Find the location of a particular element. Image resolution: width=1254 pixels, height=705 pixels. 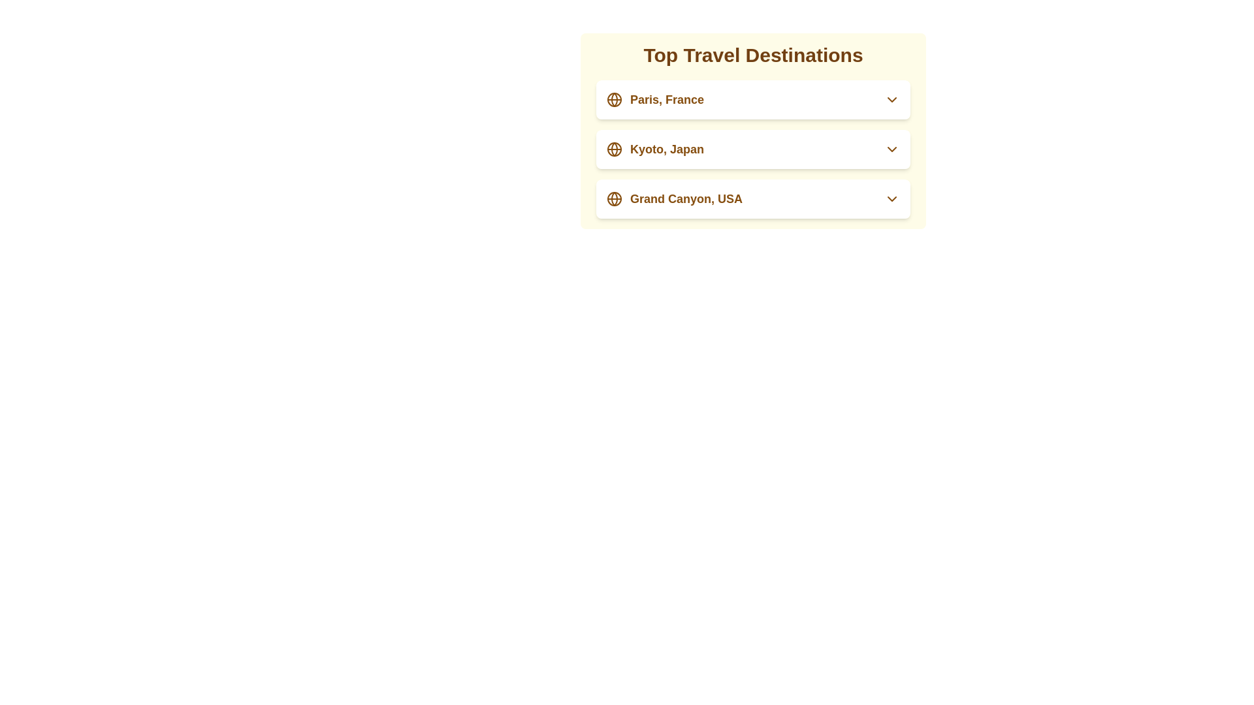

the decorative icon representing 'Grand Canyon, USA', which is the third icon in the list of travel destination icons under 'Top Travel Destinations' is located at coordinates (613, 198).